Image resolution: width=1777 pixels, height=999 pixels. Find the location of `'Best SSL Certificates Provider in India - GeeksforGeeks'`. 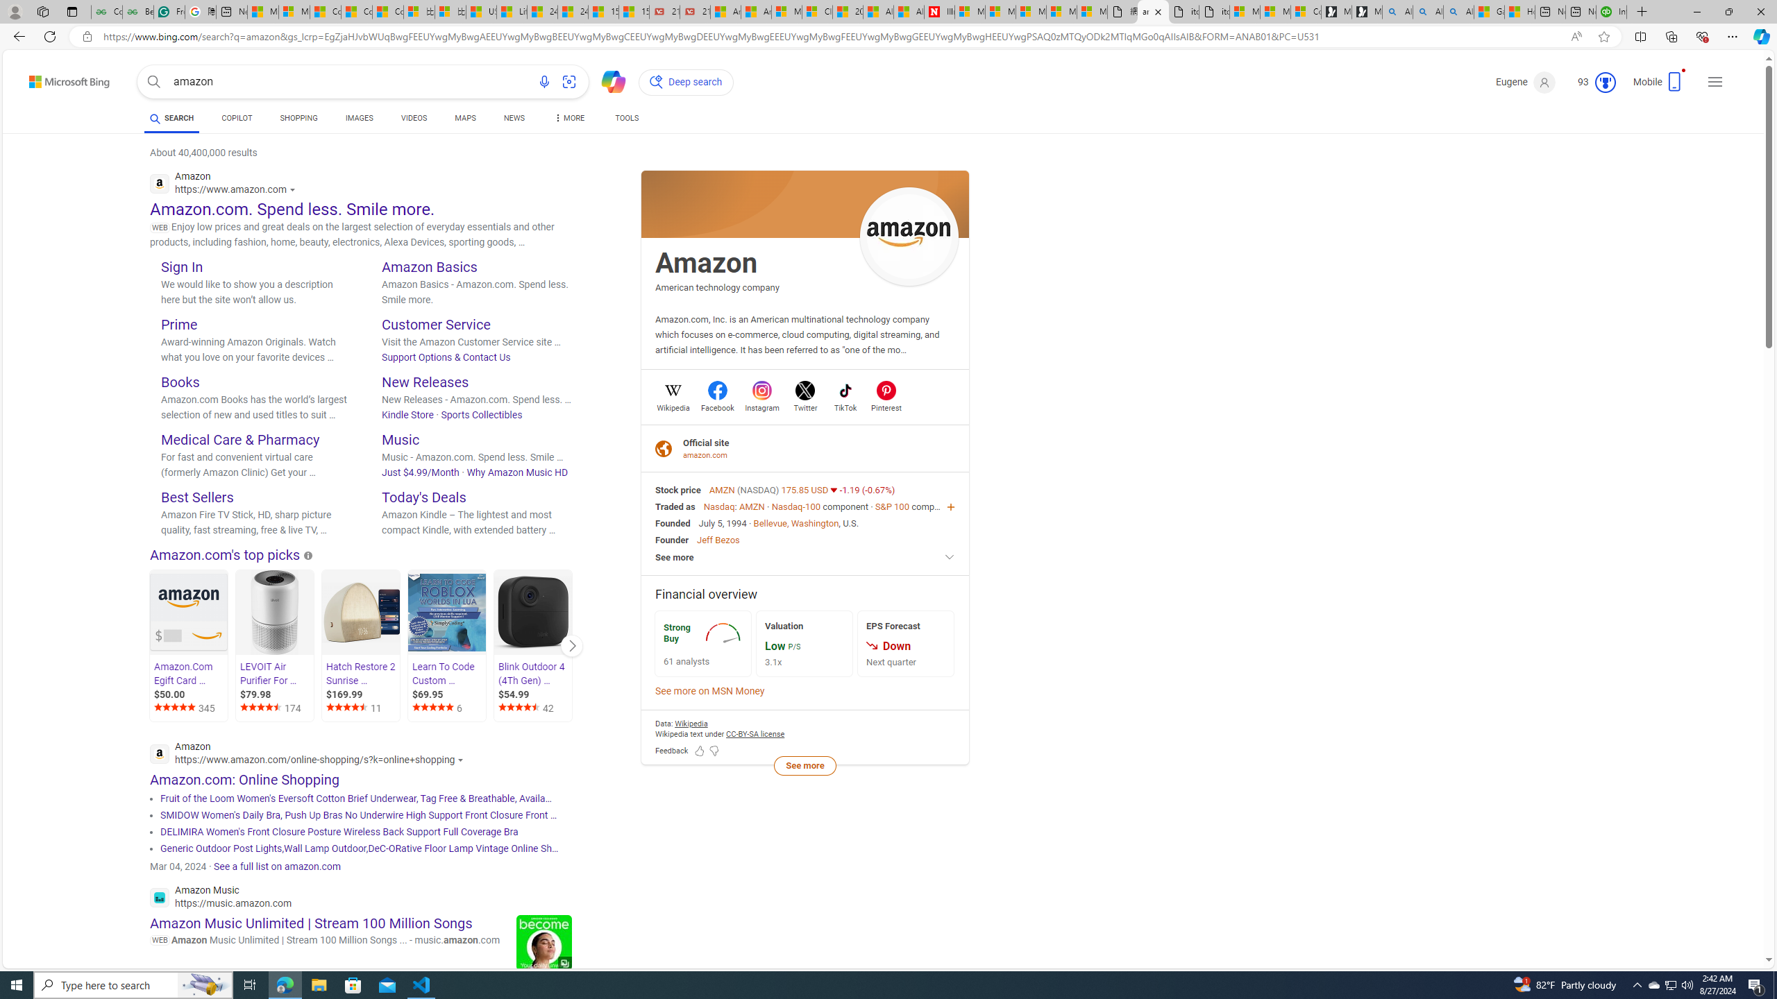

'Best SSL Certificates Provider in India - GeeksforGeeks' is located at coordinates (138, 11).